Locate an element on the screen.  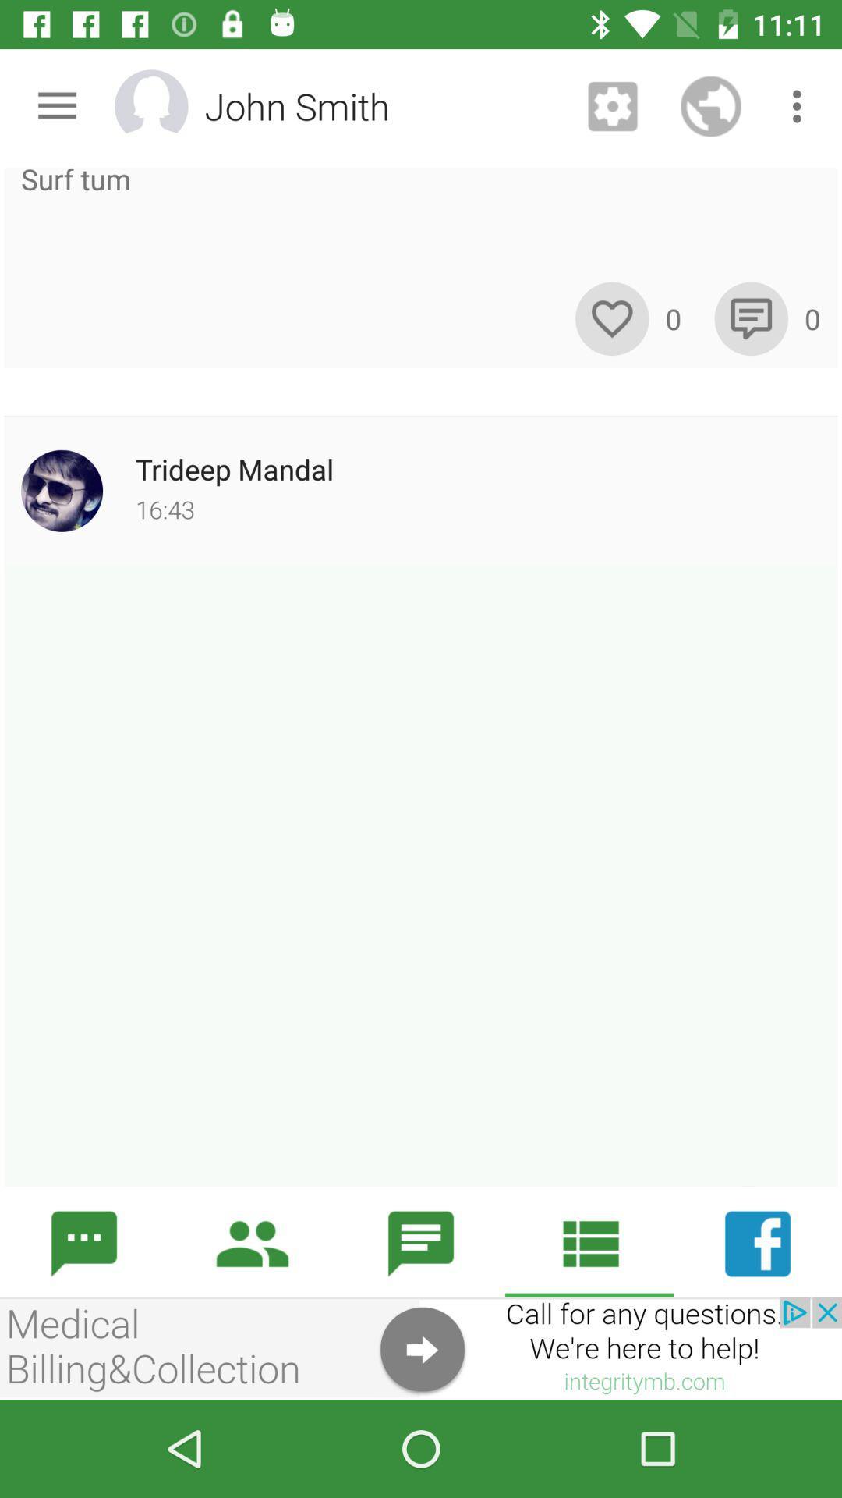
comment switch option is located at coordinates (750, 318).